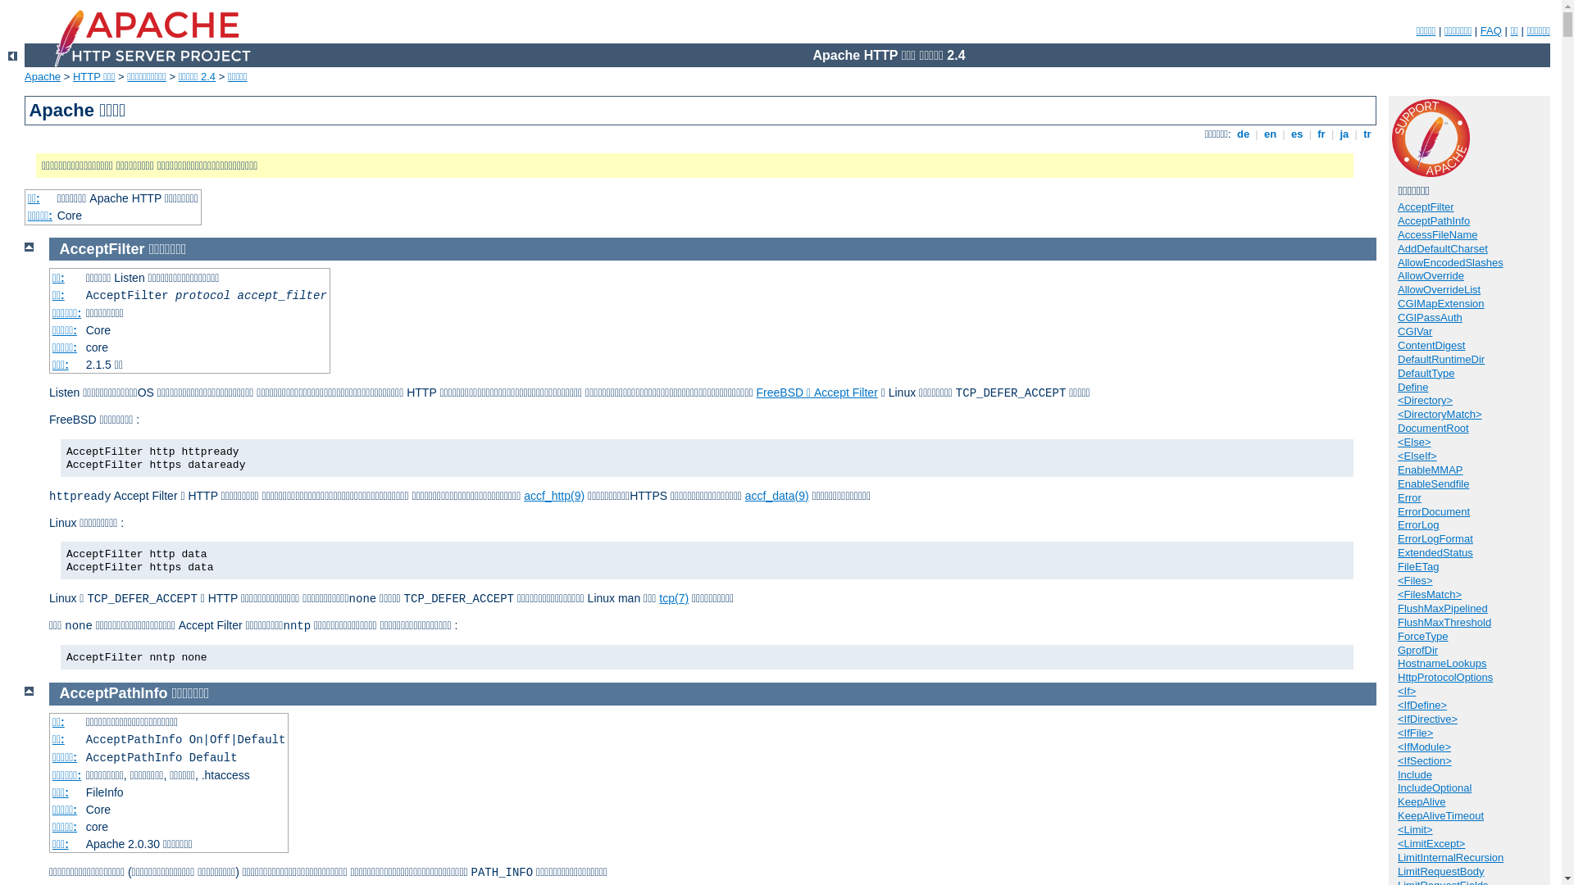 The height and width of the screenshot is (885, 1574). I want to click on '<Directory>', so click(1396, 400).